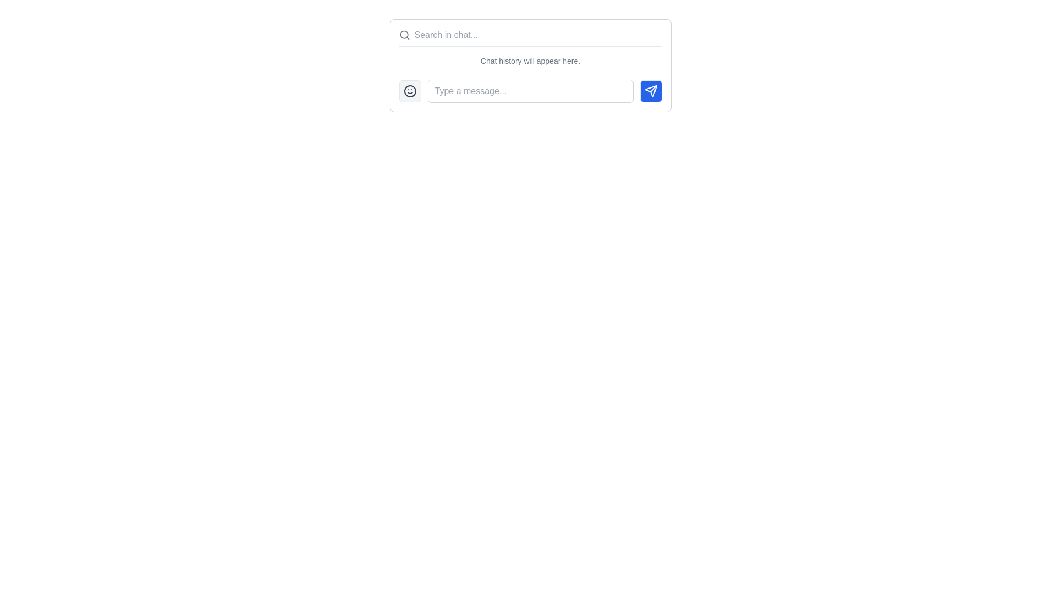 The width and height of the screenshot is (1056, 594). What do you see at coordinates (409, 90) in the screenshot?
I see `the circular graphic element that forms the main outline of a face icon, located near the left end of the message input box` at bounding box center [409, 90].